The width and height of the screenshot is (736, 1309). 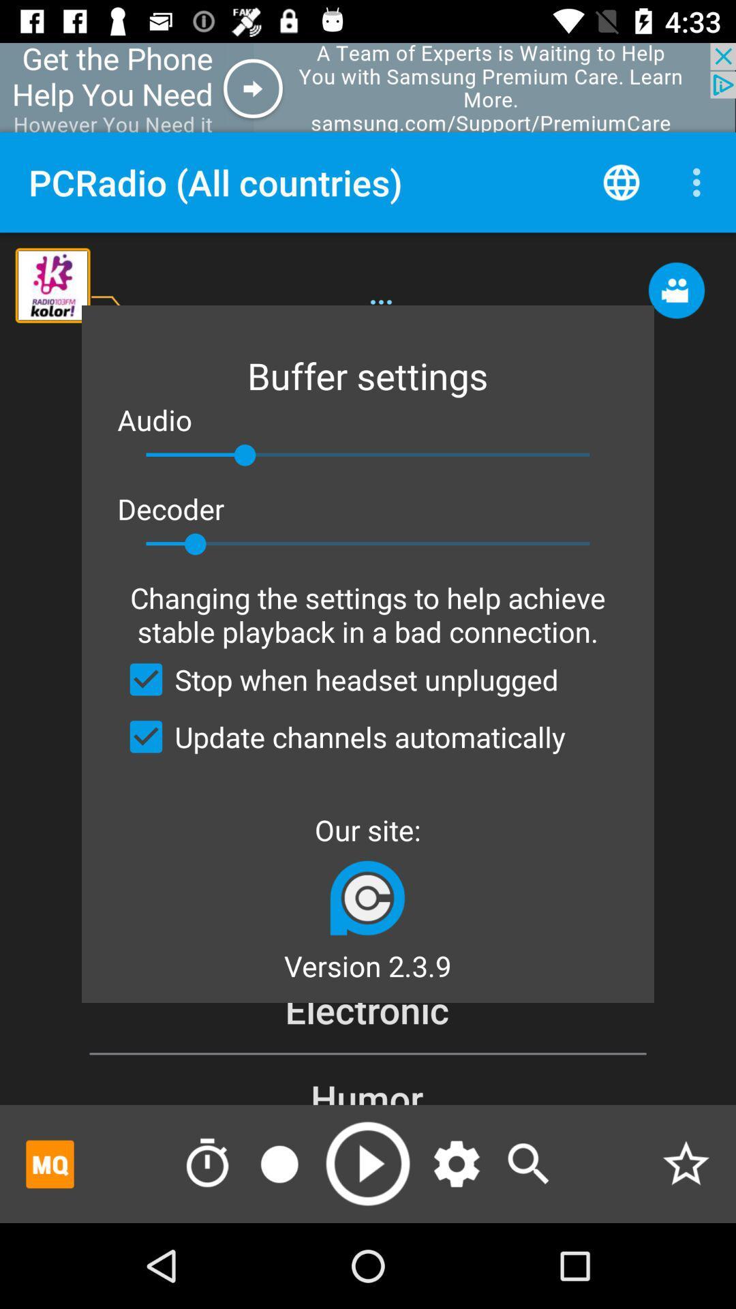 What do you see at coordinates (367, 897) in the screenshot?
I see `visit the website in question` at bounding box center [367, 897].